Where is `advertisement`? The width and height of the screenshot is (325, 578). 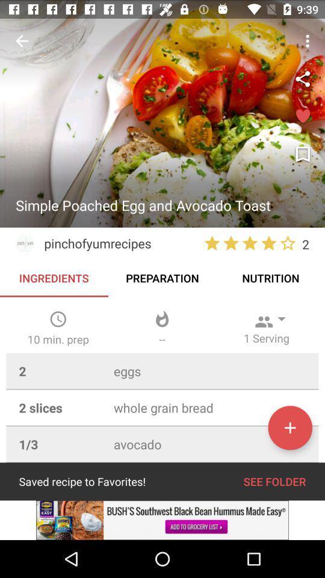
advertisement is located at coordinates (162, 520).